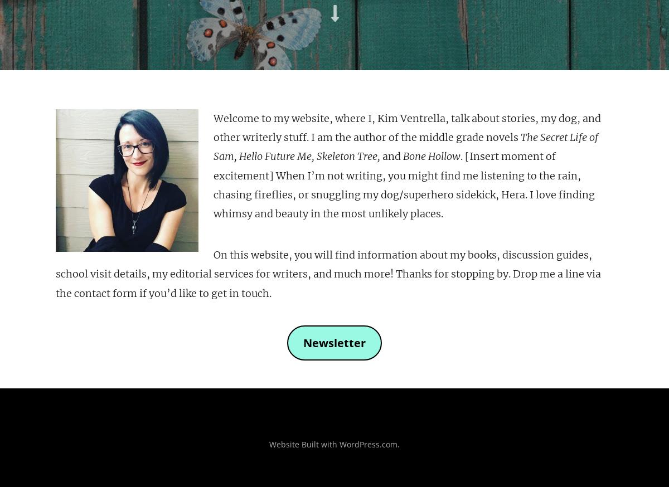 The width and height of the screenshot is (669, 487). What do you see at coordinates (431, 156) in the screenshot?
I see `'Bone Hollow'` at bounding box center [431, 156].